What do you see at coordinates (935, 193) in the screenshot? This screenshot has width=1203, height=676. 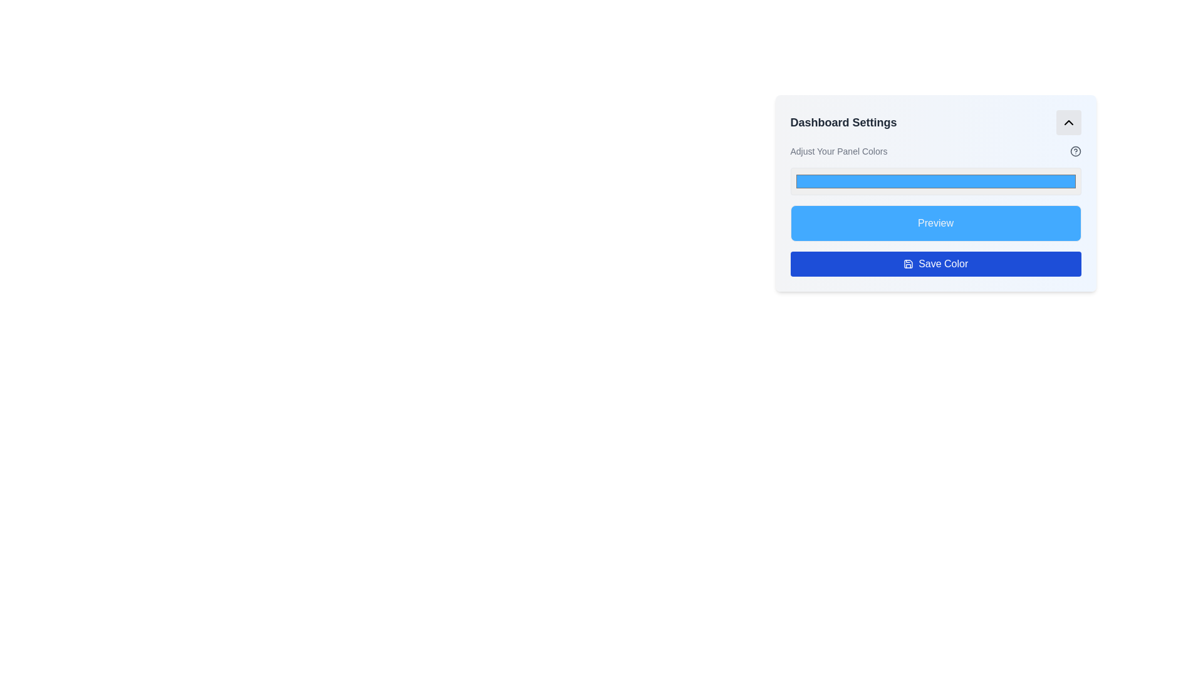 I see `the Color Picker Input located below 'Adjust Your Panel Colors' and above the 'Preview' and 'Save Color' buttons to interact with it` at bounding box center [935, 193].